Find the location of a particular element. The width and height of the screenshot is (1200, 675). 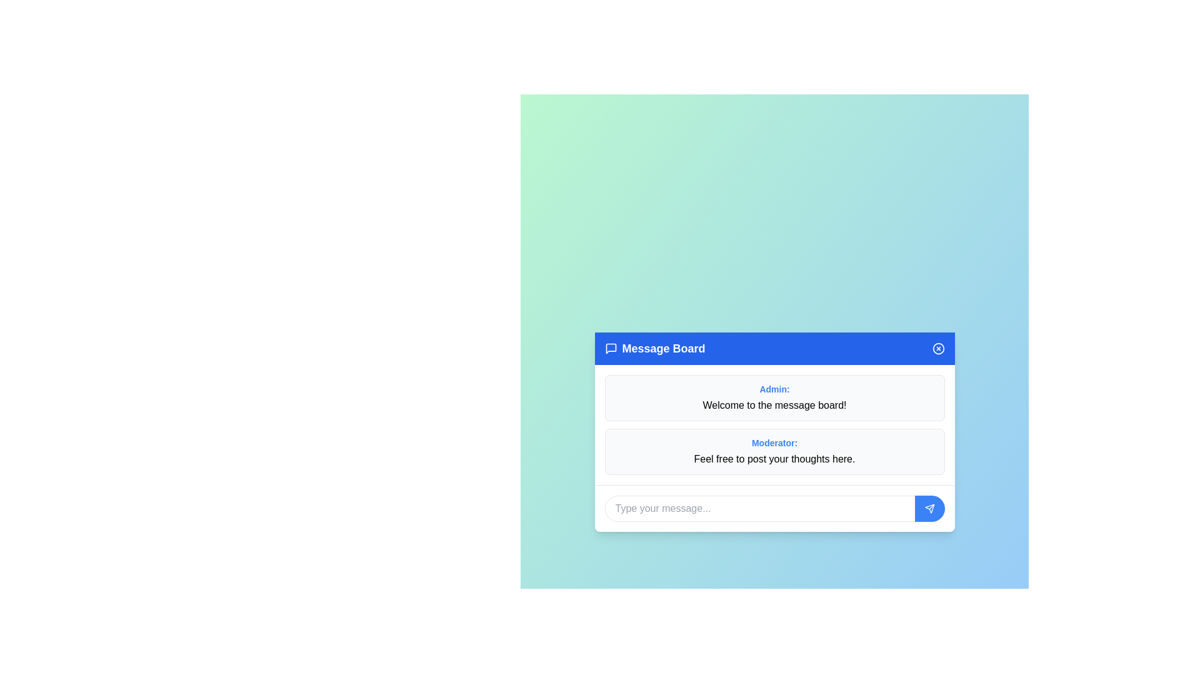

the send button to submit the message is located at coordinates (929, 508).